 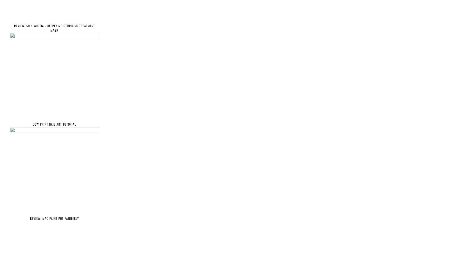 I want to click on 'Find more on this blog', so click(x=54, y=243).